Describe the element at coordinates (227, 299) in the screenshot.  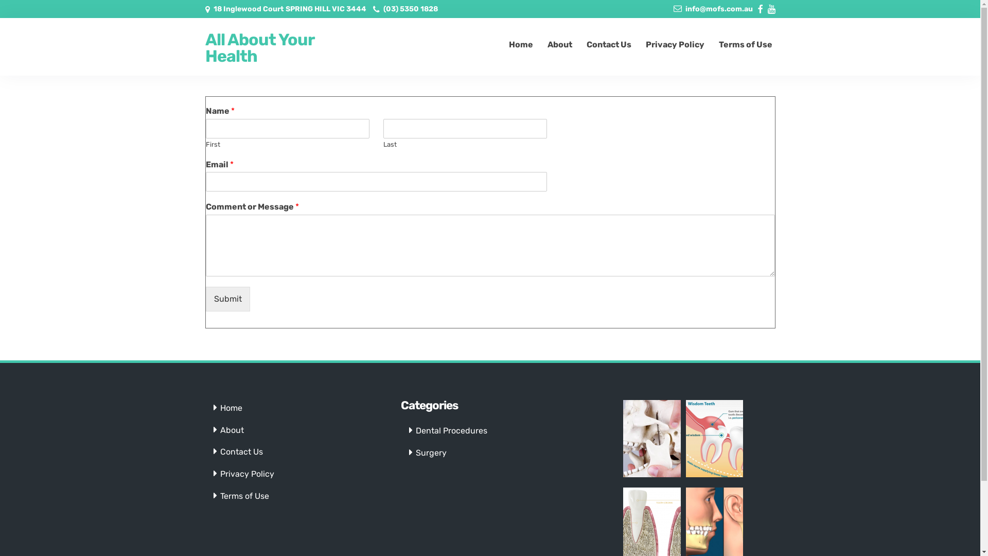
I see `'Submit'` at that location.